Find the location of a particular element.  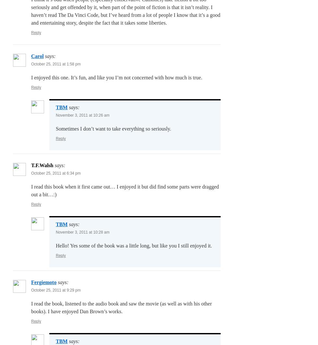

'Fergiemoto' is located at coordinates (44, 282).